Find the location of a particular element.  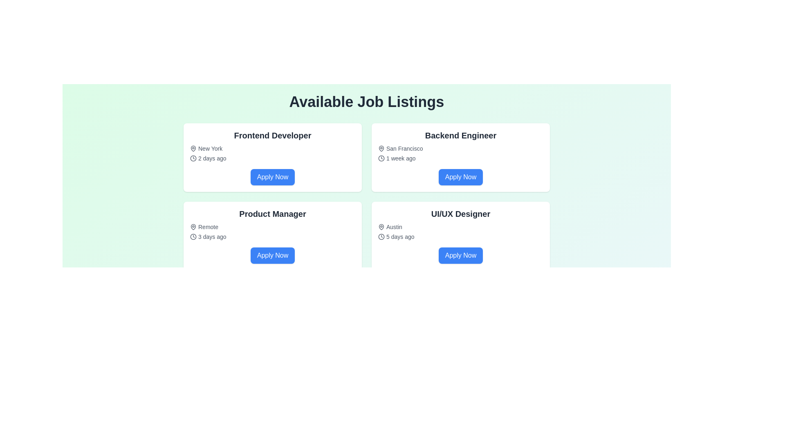

the SVG circle graphic representing the clock's face, located in the upper-left corner of the job posting card for 'Product Manager', below the location icon is located at coordinates (193, 236).